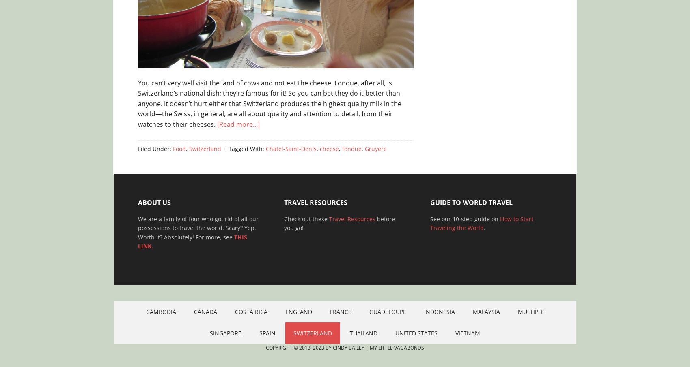  What do you see at coordinates (517, 311) in the screenshot?
I see `'Multiple'` at bounding box center [517, 311].